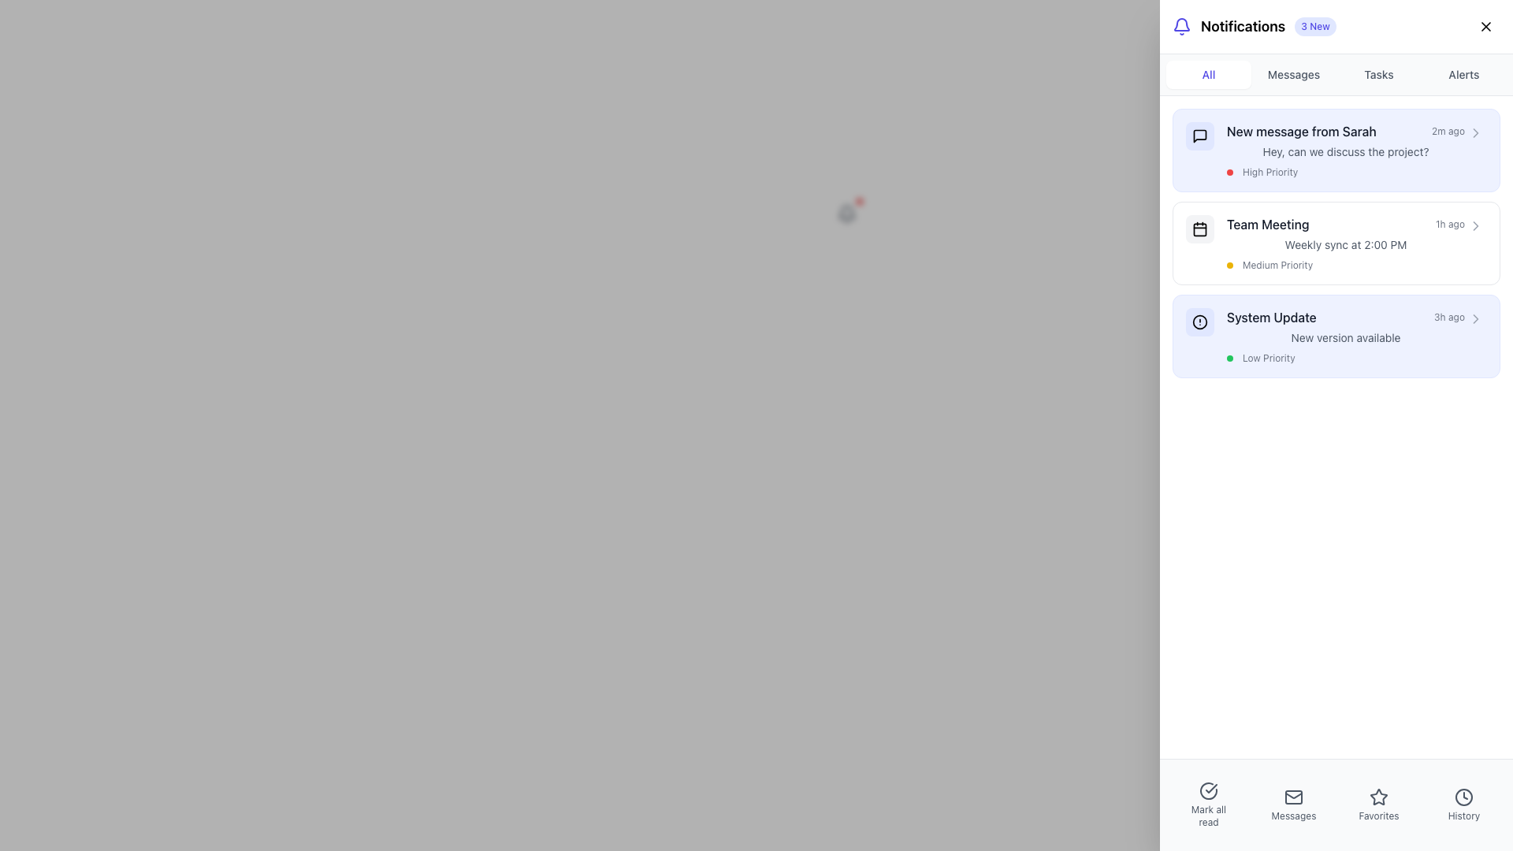 The image size is (1513, 851). What do you see at coordinates (1335, 243) in the screenshot?
I see `the second notification card in the 'Notifications' section` at bounding box center [1335, 243].